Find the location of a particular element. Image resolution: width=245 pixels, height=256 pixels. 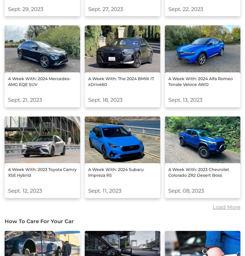

'A Week With: 2024 Alfa Romeo Tonale Veloce AWD' is located at coordinates (200, 81).